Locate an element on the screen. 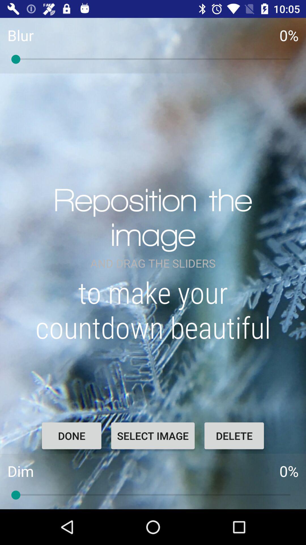  delete is located at coordinates (234, 435).